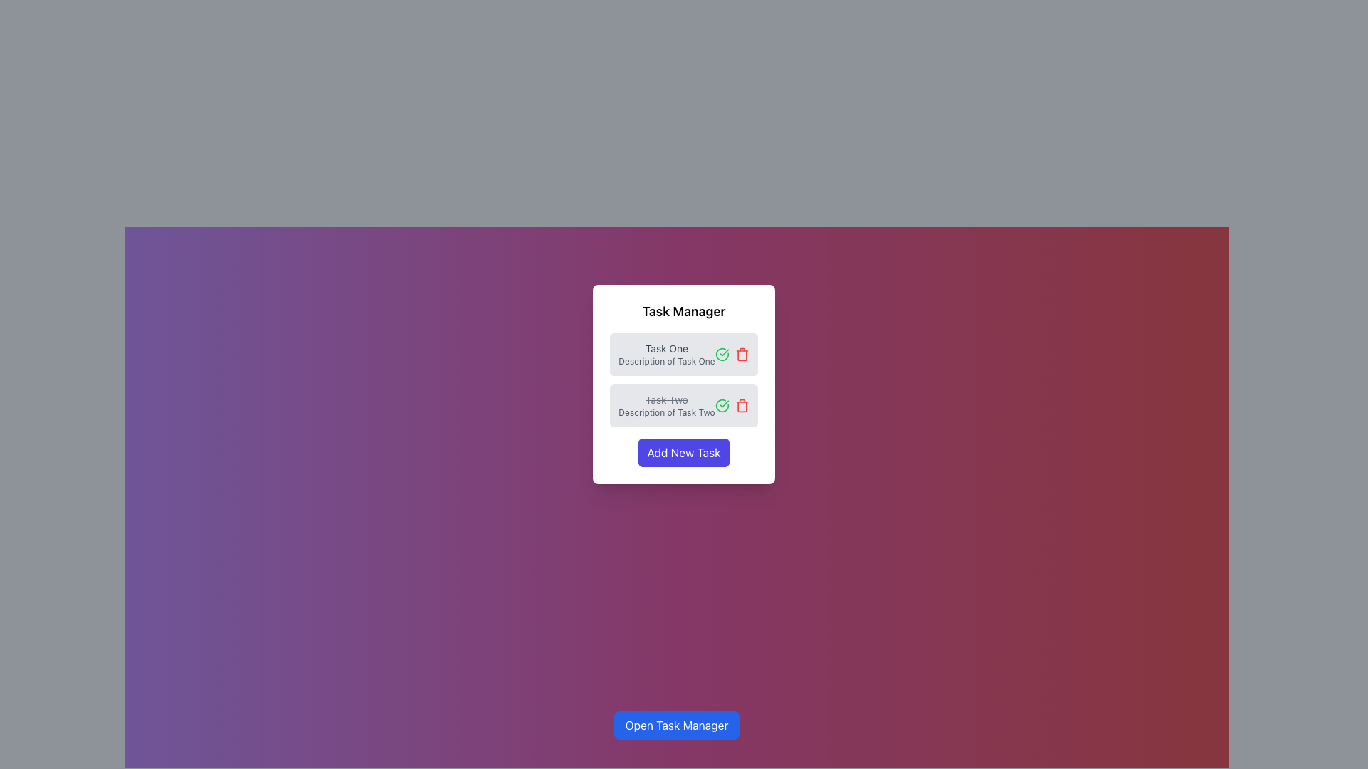 The width and height of the screenshot is (1368, 769). I want to click on the red trash icon button, which is the second icon in the row, so click(741, 406).